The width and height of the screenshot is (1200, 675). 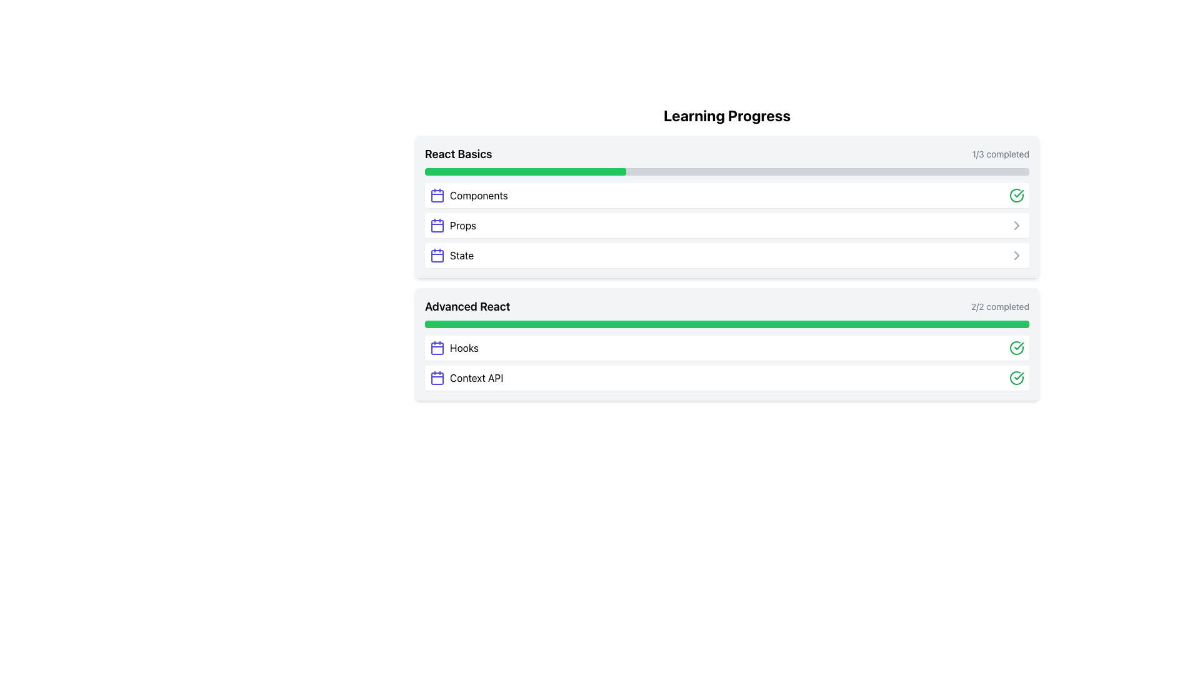 I want to click on the progress indication on the progress bar located within the 'Advanced React' section, which is the third item, situated between '2/2 completed' and the 'Hooks and Context API' section, so click(x=727, y=324).